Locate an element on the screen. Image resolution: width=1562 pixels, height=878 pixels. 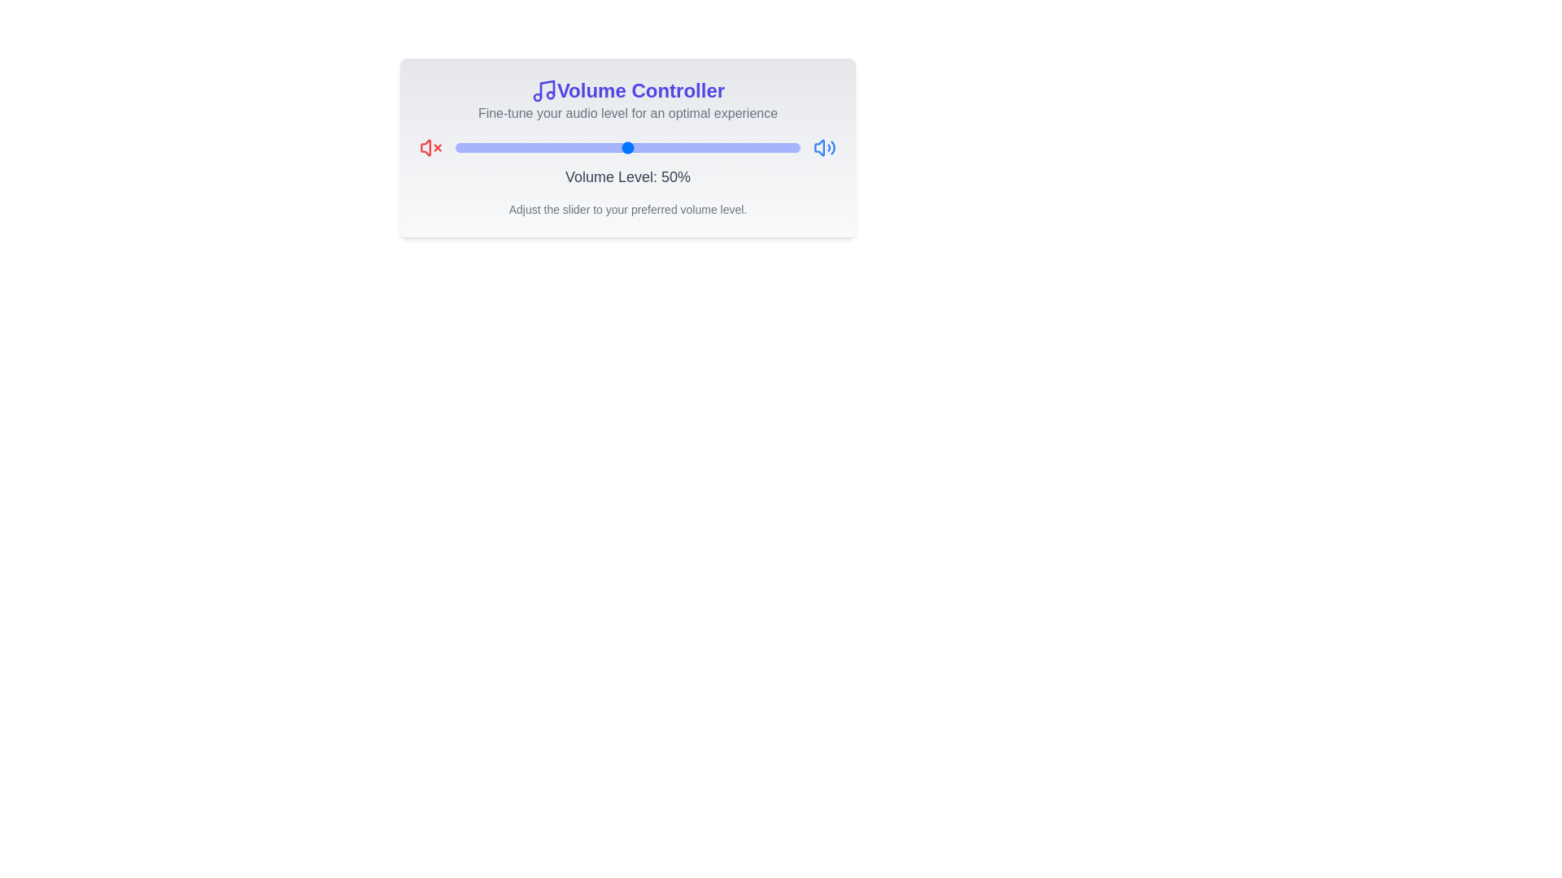
the volume slider to set the volume to 70% is located at coordinates (696, 147).